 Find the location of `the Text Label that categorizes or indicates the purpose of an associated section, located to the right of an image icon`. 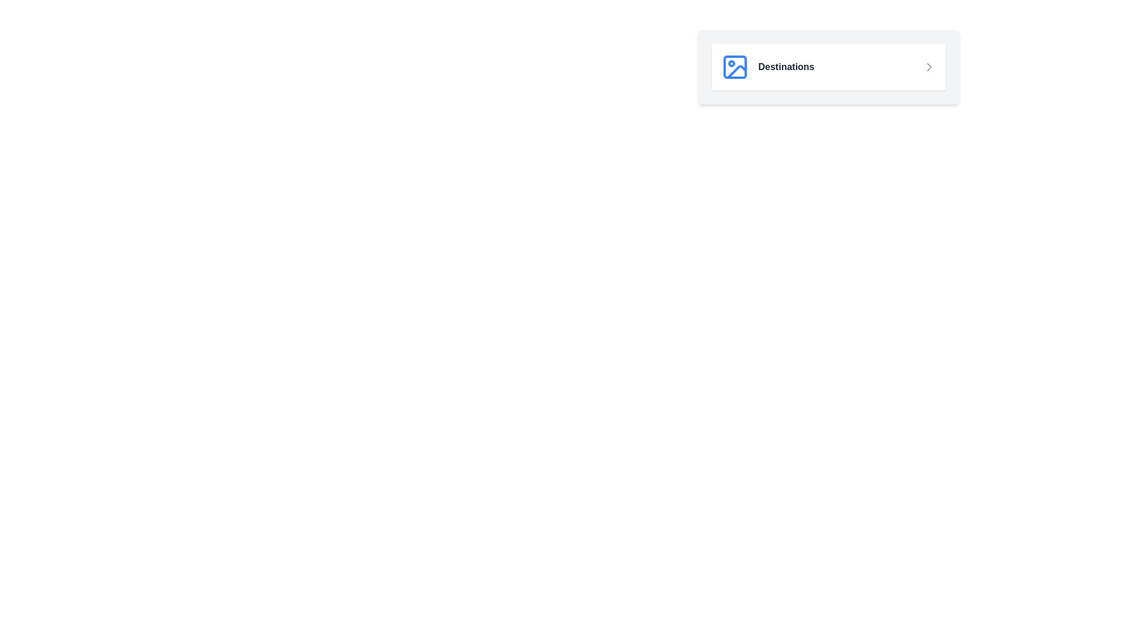

the Text Label that categorizes or indicates the purpose of an associated section, located to the right of an image icon is located at coordinates (786, 67).